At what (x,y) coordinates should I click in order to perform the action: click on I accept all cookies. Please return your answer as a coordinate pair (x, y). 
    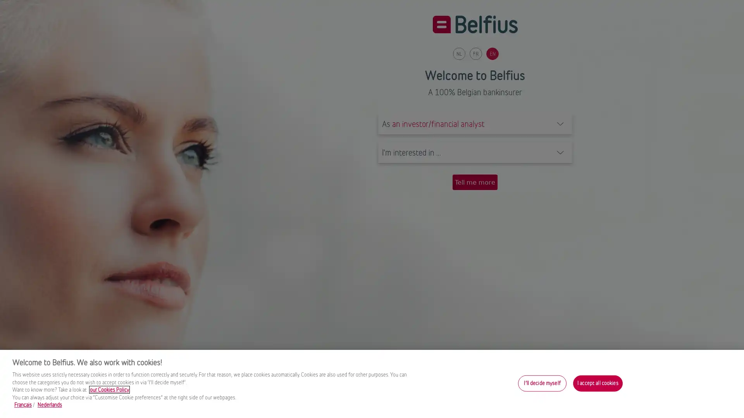
    Looking at the image, I should click on (597, 383).